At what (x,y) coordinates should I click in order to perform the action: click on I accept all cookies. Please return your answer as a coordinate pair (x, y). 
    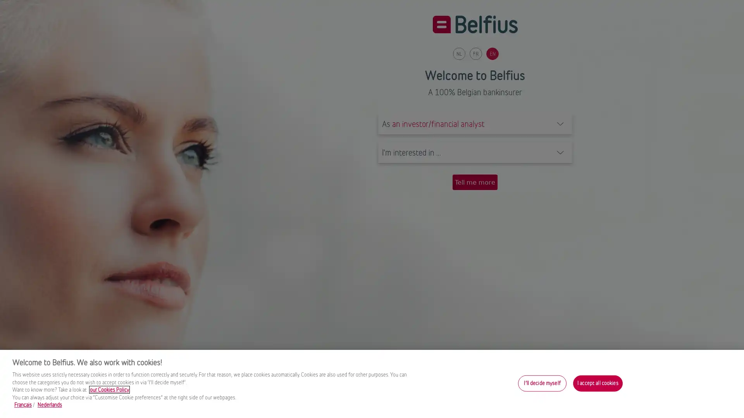
    Looking at the image, I should click on (597, 383).